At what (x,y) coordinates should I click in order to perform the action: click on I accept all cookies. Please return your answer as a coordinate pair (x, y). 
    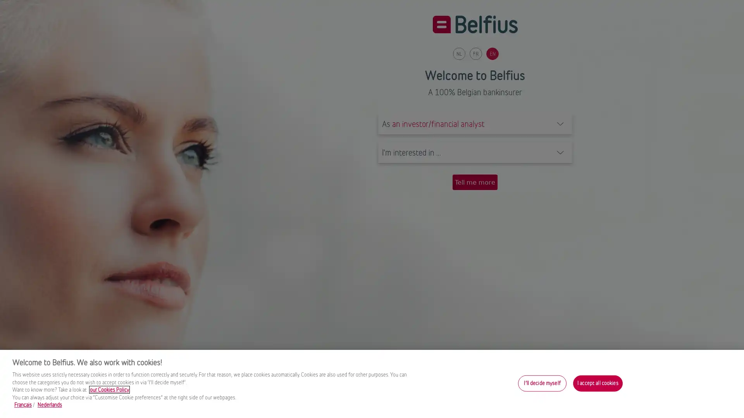
    Looking at the image, I should click on (597, 383).